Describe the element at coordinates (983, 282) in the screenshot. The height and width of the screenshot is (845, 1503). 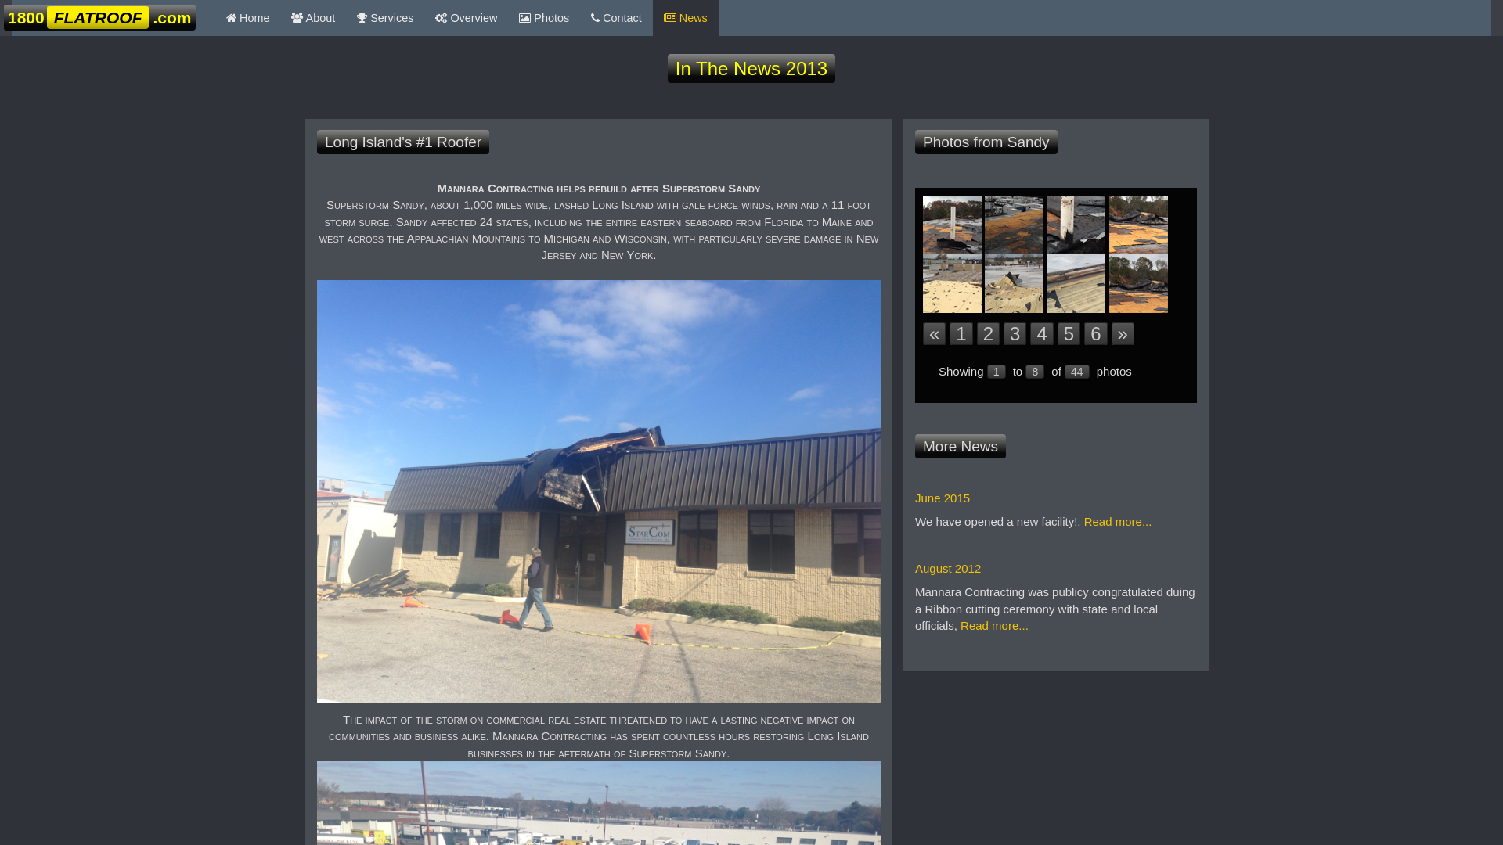
I see `'1800Flatroof.com on the  job'` at that location.